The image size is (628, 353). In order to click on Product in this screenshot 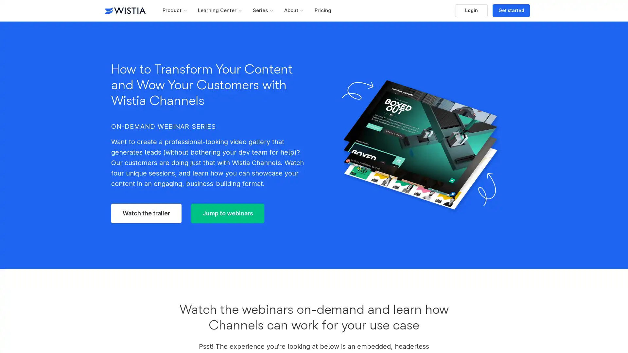, I will do `click(174, 10)`.